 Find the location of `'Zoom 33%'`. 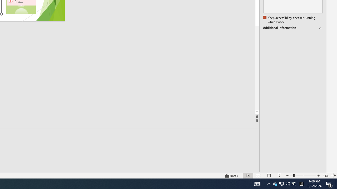

'Zoom 33%' is located at coordinates (325, 176).